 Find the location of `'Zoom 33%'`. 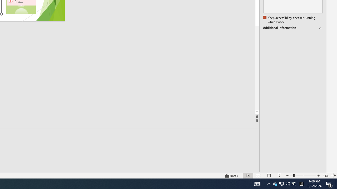

'Zoom 33%' is located at coordinates (325, 176).